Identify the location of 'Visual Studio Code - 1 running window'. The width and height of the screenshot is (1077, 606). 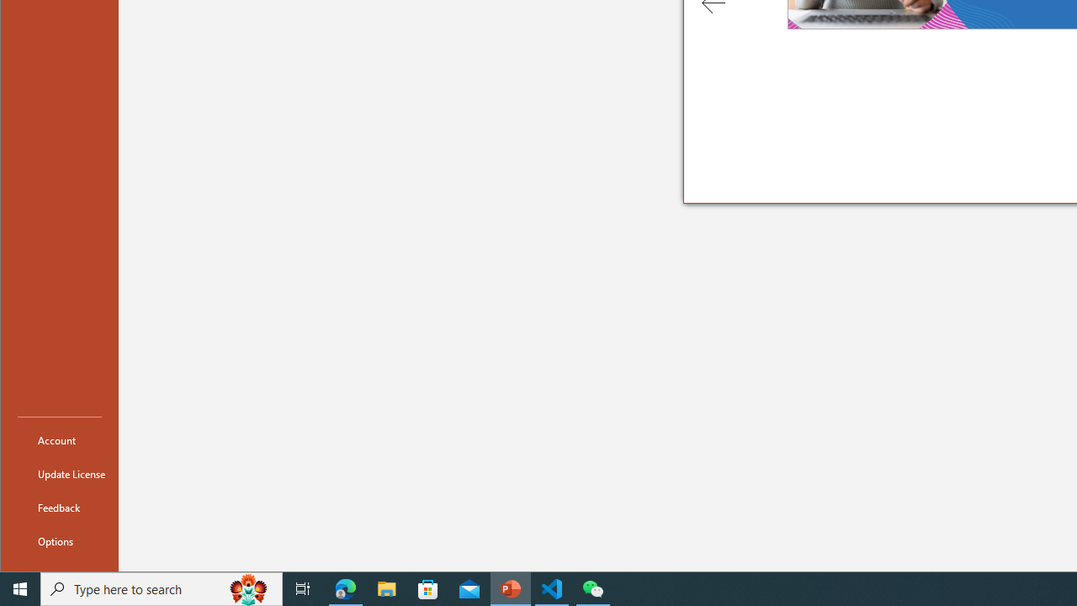
(552, 587).